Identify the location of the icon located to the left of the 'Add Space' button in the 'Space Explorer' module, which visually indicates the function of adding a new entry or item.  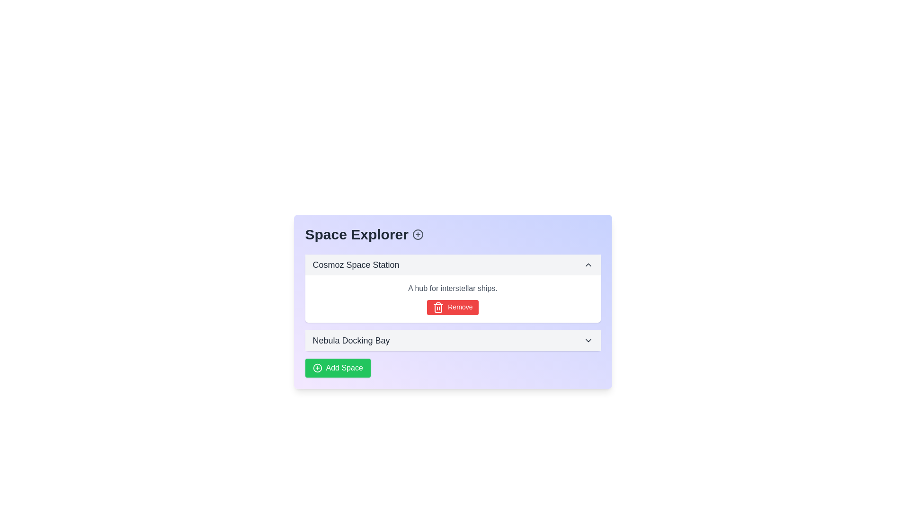
(317, 368).